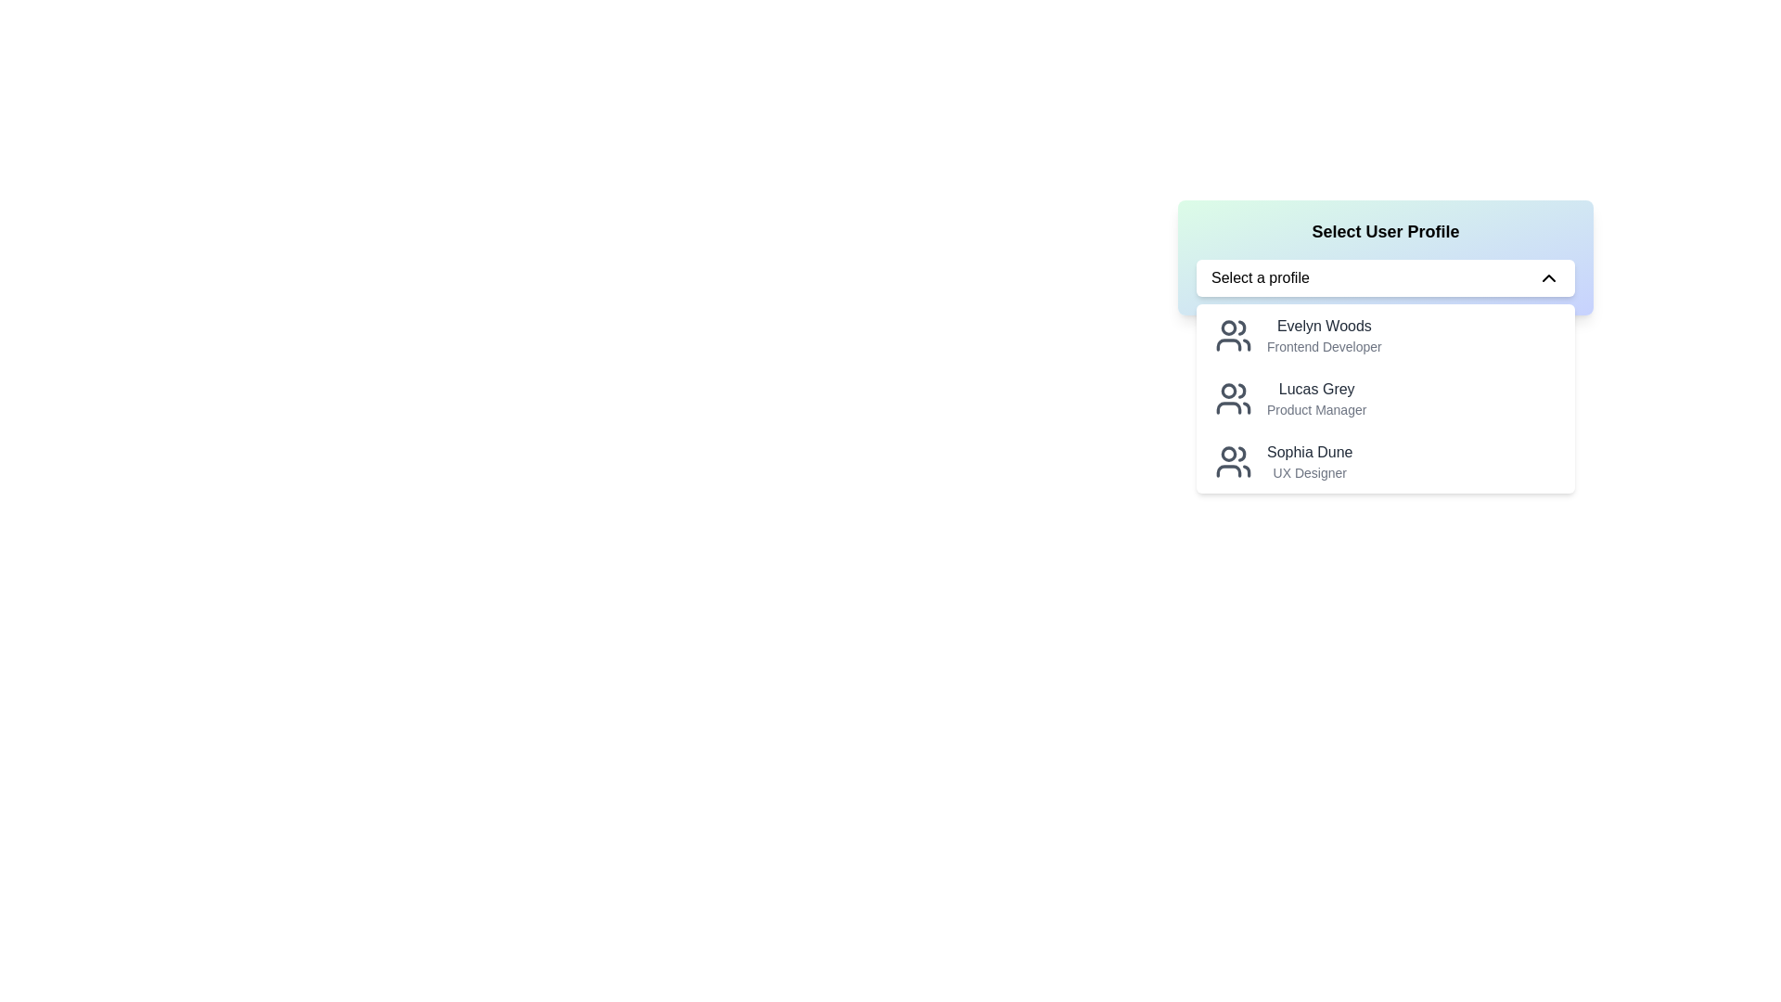  I want to click on the first list item styled with a flex layout that contains the name 'Evelyn Woods' and subtitle 'Frontend Developer', so click(1385, 336).